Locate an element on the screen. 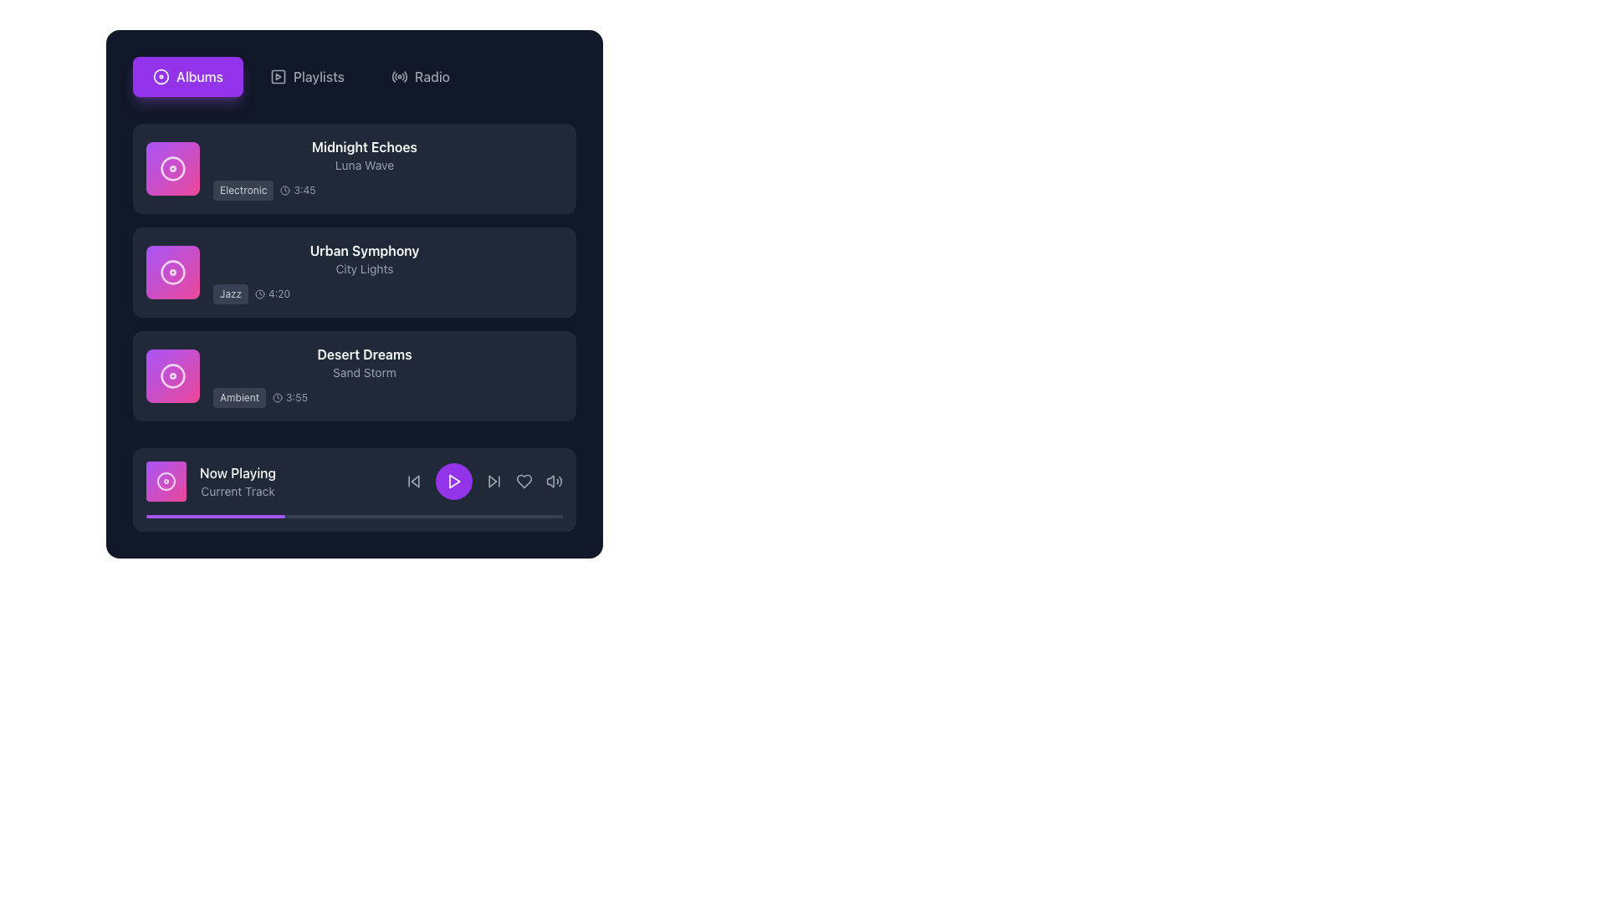 The height and width of the screenshot is (903, 1606). the informational display element showing the song category 'Ambient' and duration '3:55' located at the bottom of the card for 'Desert Dreams' is located at coordinates (364, 397).